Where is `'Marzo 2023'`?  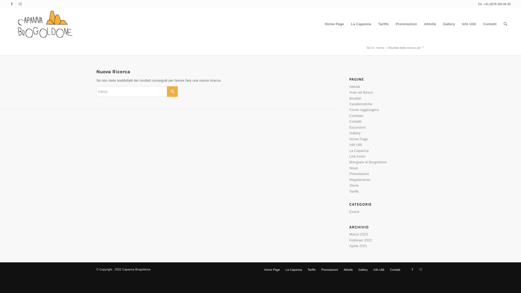
'Marzo 2023' is located at coordinates (358, 234).